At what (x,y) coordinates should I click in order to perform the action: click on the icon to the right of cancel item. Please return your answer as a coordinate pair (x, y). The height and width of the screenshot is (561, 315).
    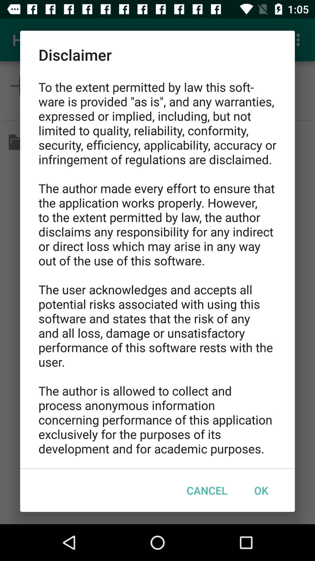
    Looking at the image, I should click on (261, 490).